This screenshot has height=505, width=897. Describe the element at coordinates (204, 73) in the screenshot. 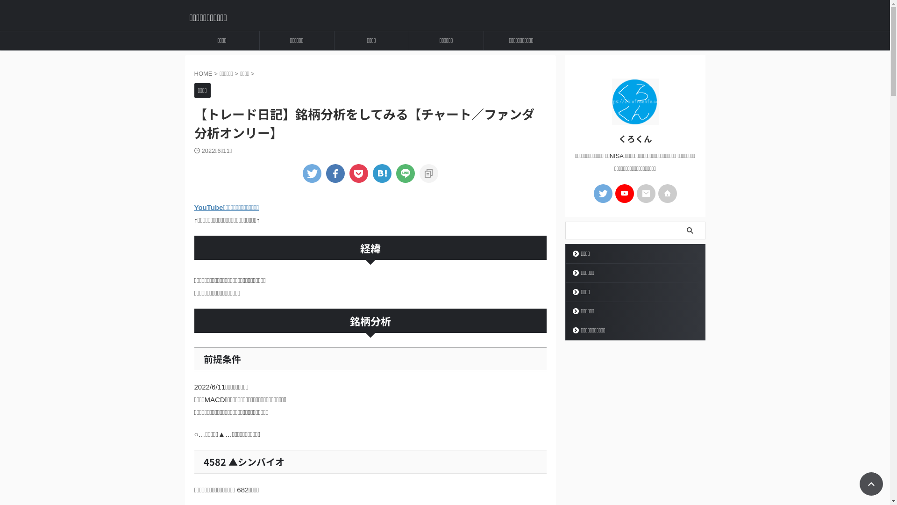

I see `'HOME'` at that location.